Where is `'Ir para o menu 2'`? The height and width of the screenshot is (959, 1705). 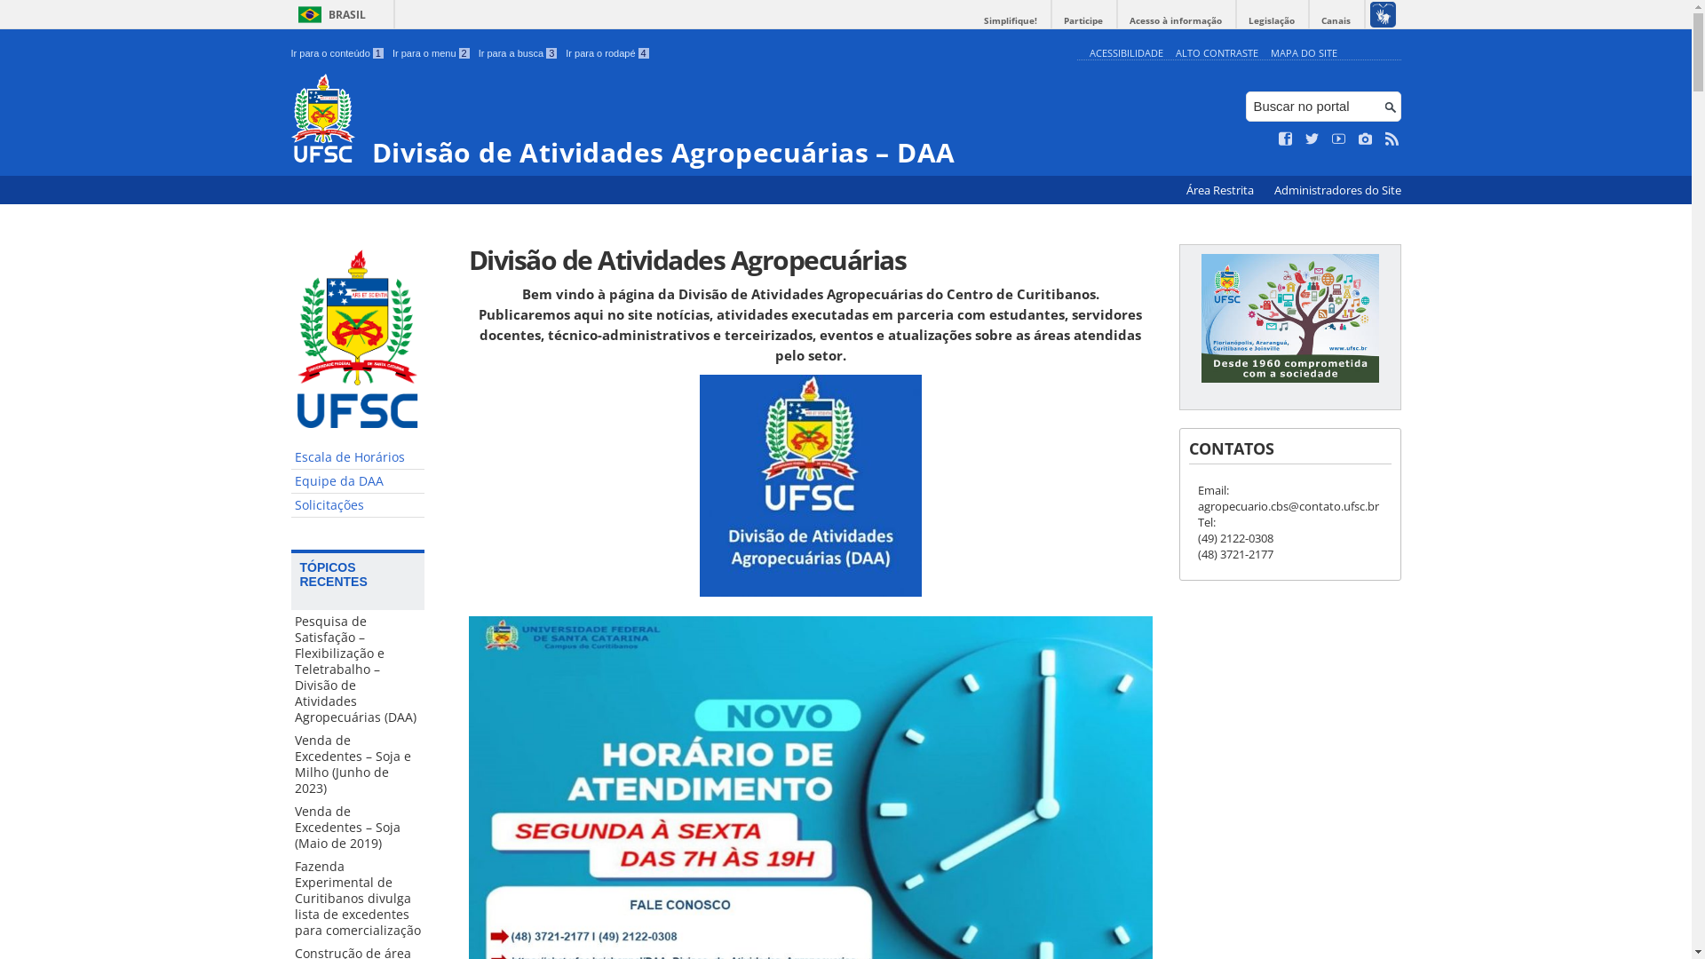 'Ir para o menu 2' is located at coordinates (431, 52).